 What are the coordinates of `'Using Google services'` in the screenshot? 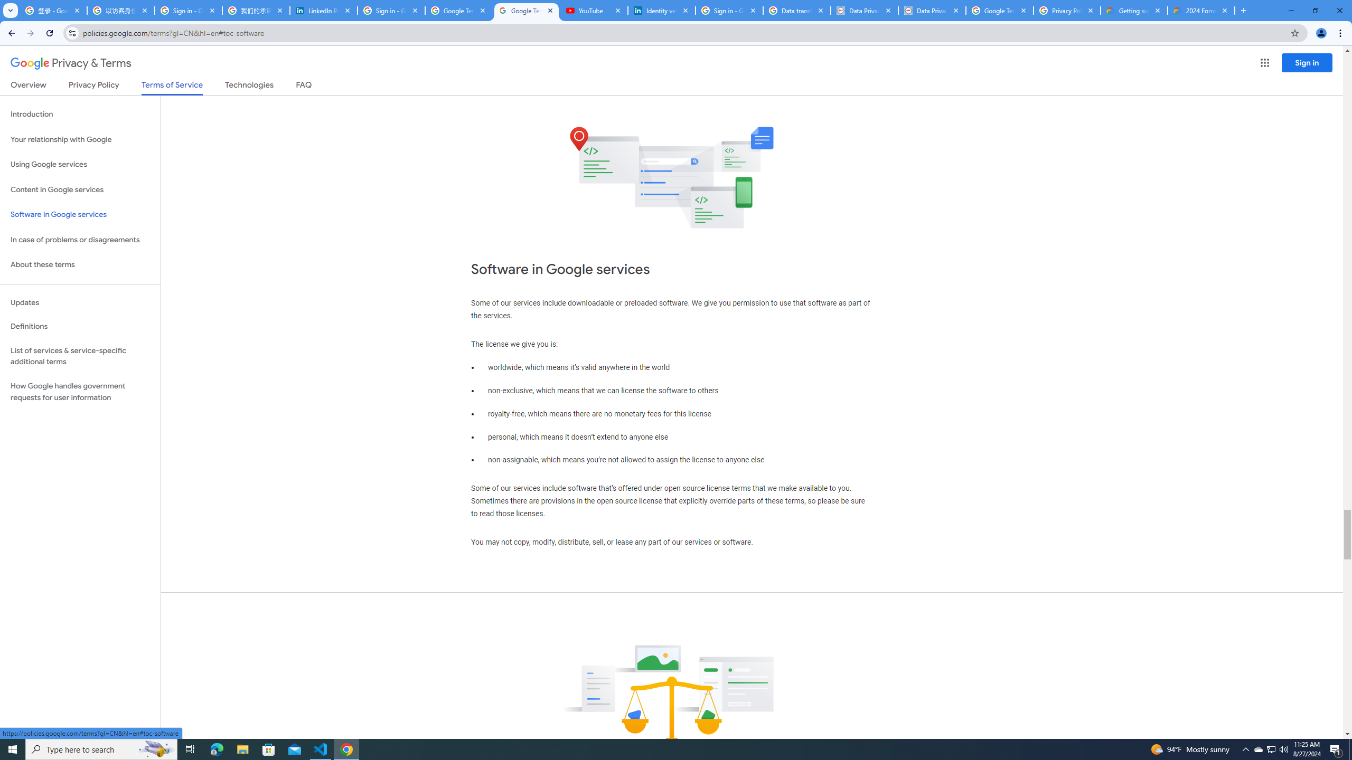 It's located at (80, 164).